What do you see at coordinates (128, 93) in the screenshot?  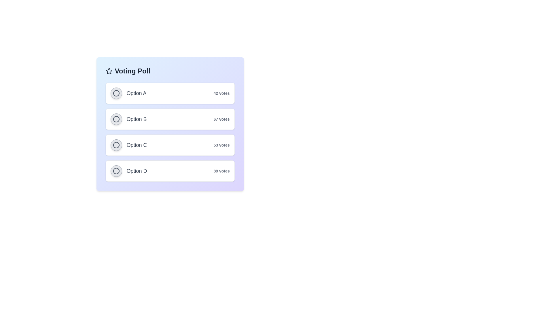 I see `the circular radio button for 'Option A' in the voting poll interface using a touchscreen device` at bounding box center [128, 93].